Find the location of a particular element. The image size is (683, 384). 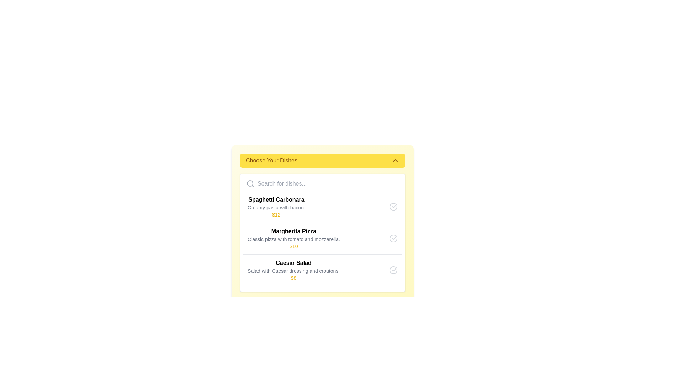

the 'Caesar Salad' menu item, which displays the dish name, description, price, and a checkmark icon is located at coordinates (322, 270).